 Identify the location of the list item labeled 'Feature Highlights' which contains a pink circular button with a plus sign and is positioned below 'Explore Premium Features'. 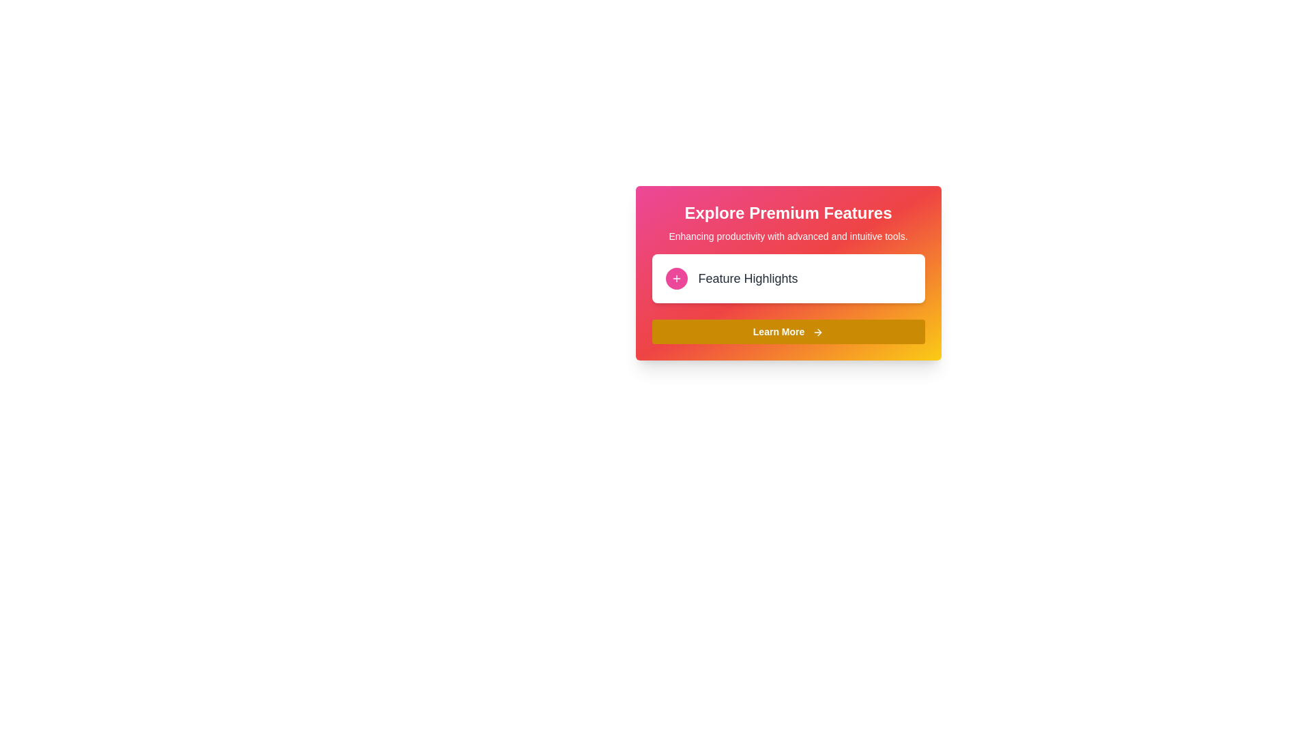
(788, 277).